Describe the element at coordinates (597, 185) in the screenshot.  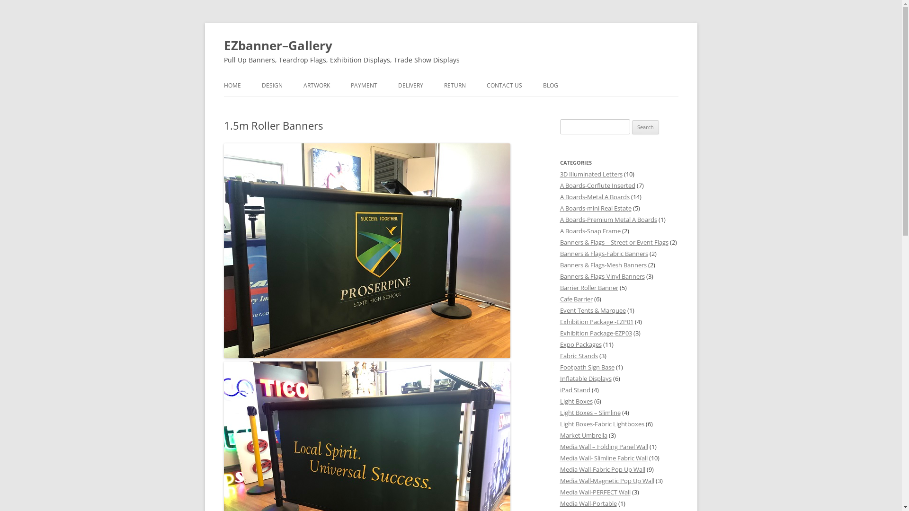
I see `'A Boards-Corflute Inserted'` at that location.